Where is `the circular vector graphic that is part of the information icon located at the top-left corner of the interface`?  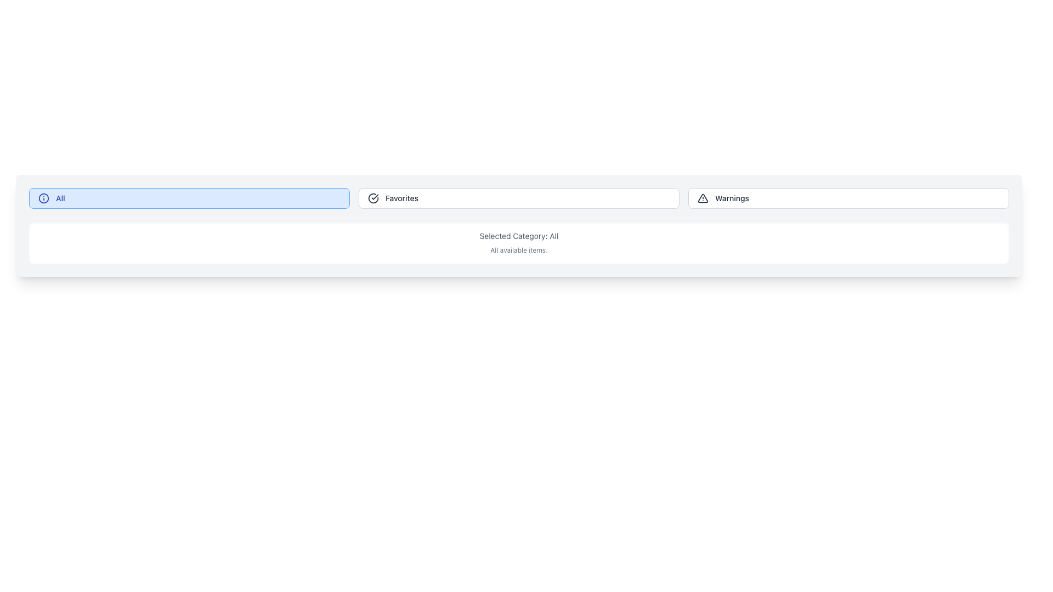
the circular vector graphic that is part of the information icon located at the top-left corner of the interface is located at coordinates (44, 198).